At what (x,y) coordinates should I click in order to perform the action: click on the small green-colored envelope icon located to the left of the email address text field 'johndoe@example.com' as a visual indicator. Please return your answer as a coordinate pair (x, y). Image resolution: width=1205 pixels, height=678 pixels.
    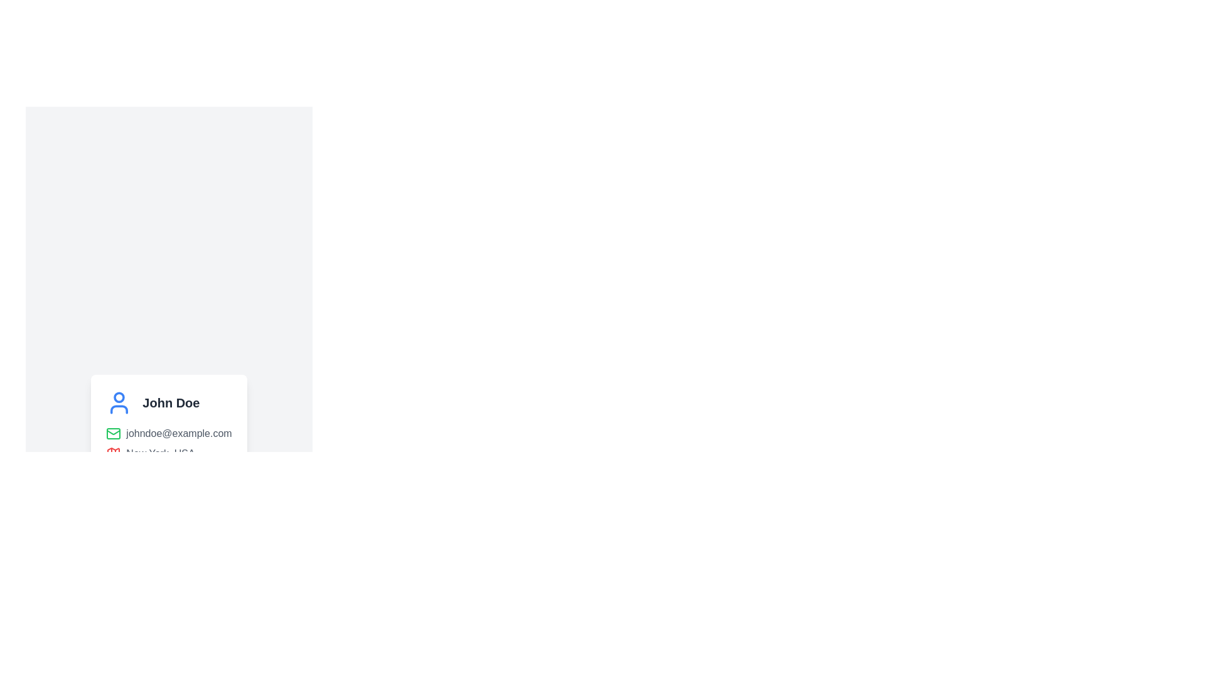
    Looking at the image, I should click on (114, 433).